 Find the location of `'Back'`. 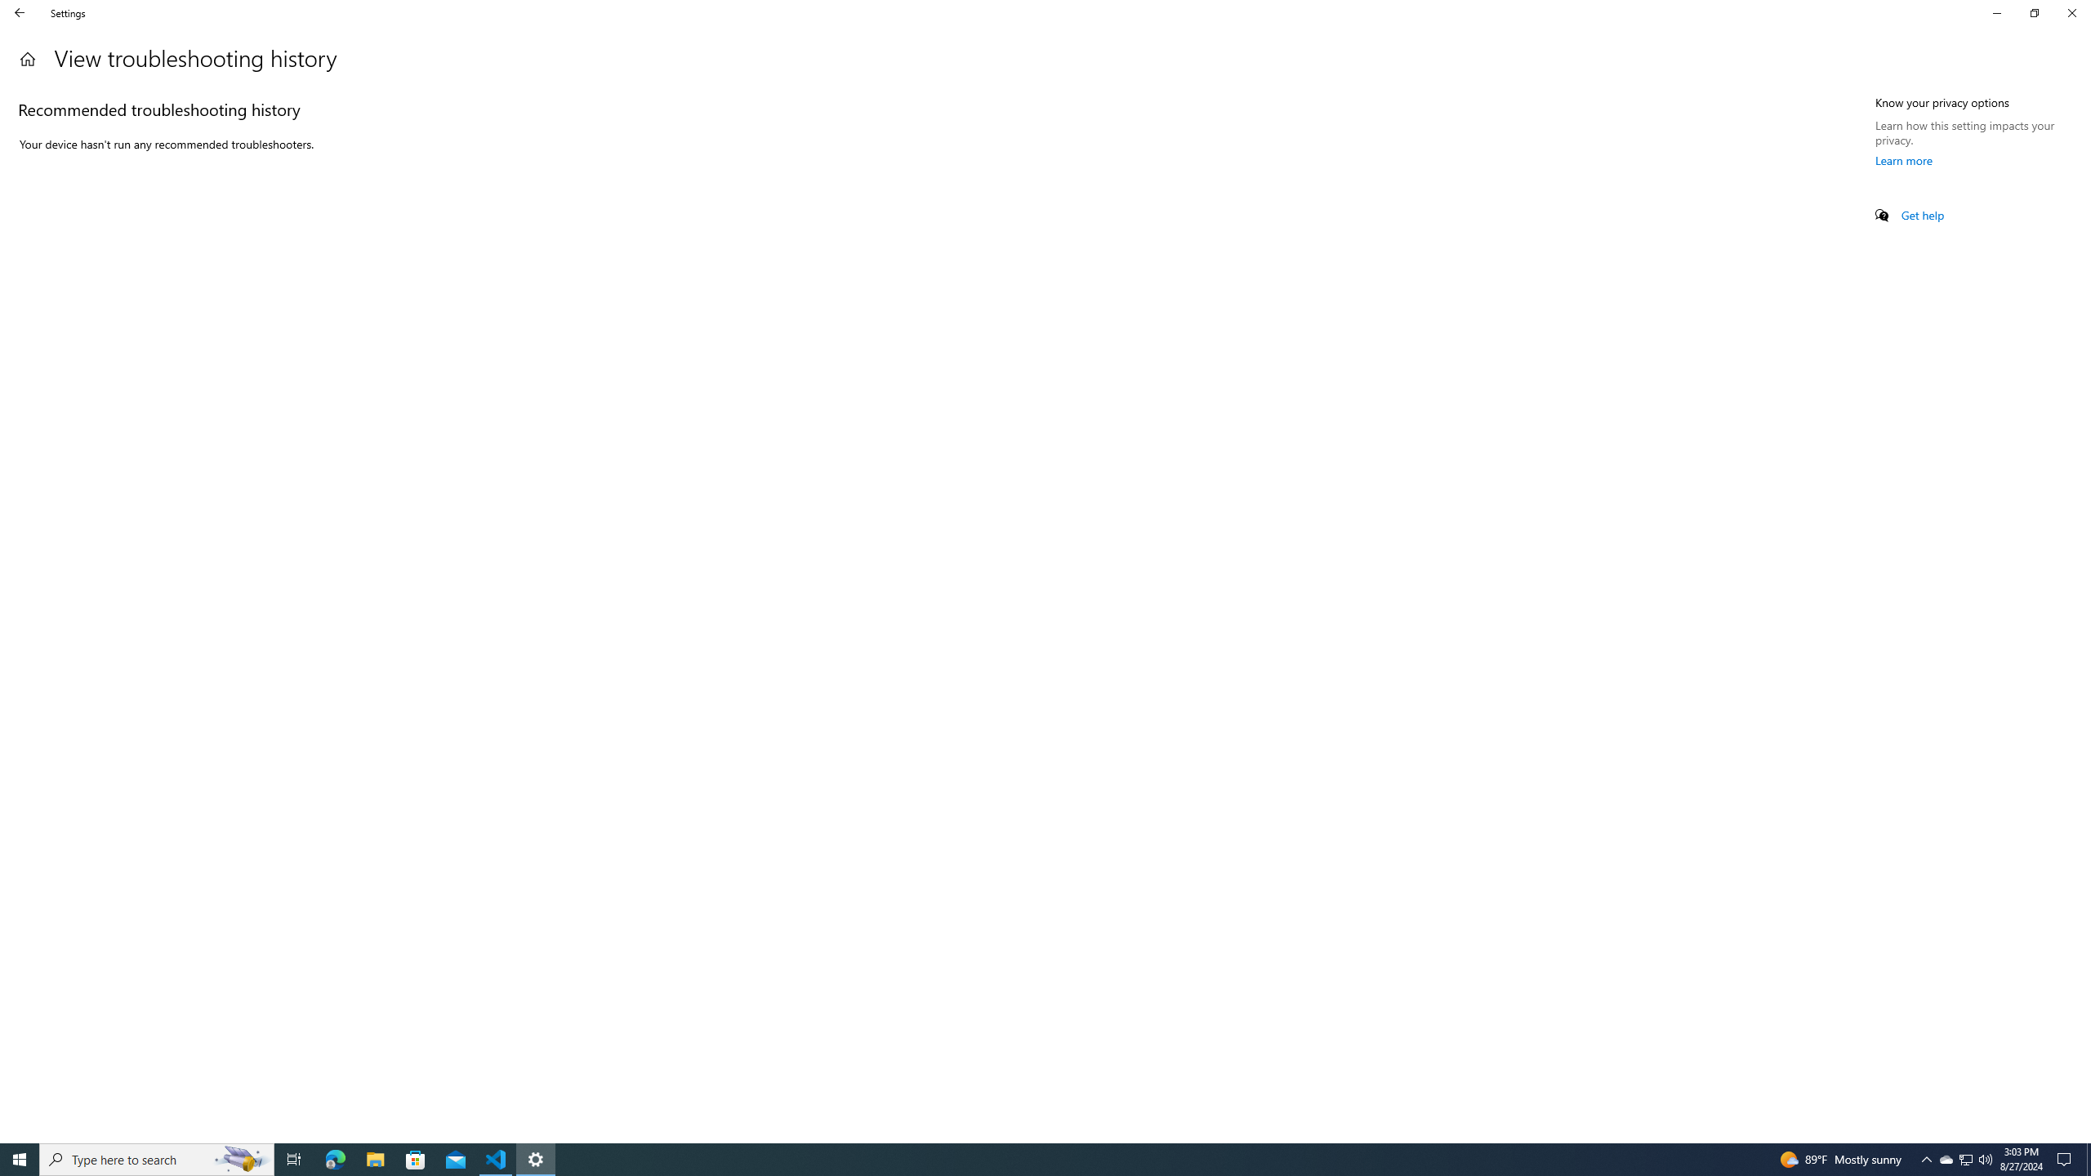

'Back' is located at coordinates (20, 12).